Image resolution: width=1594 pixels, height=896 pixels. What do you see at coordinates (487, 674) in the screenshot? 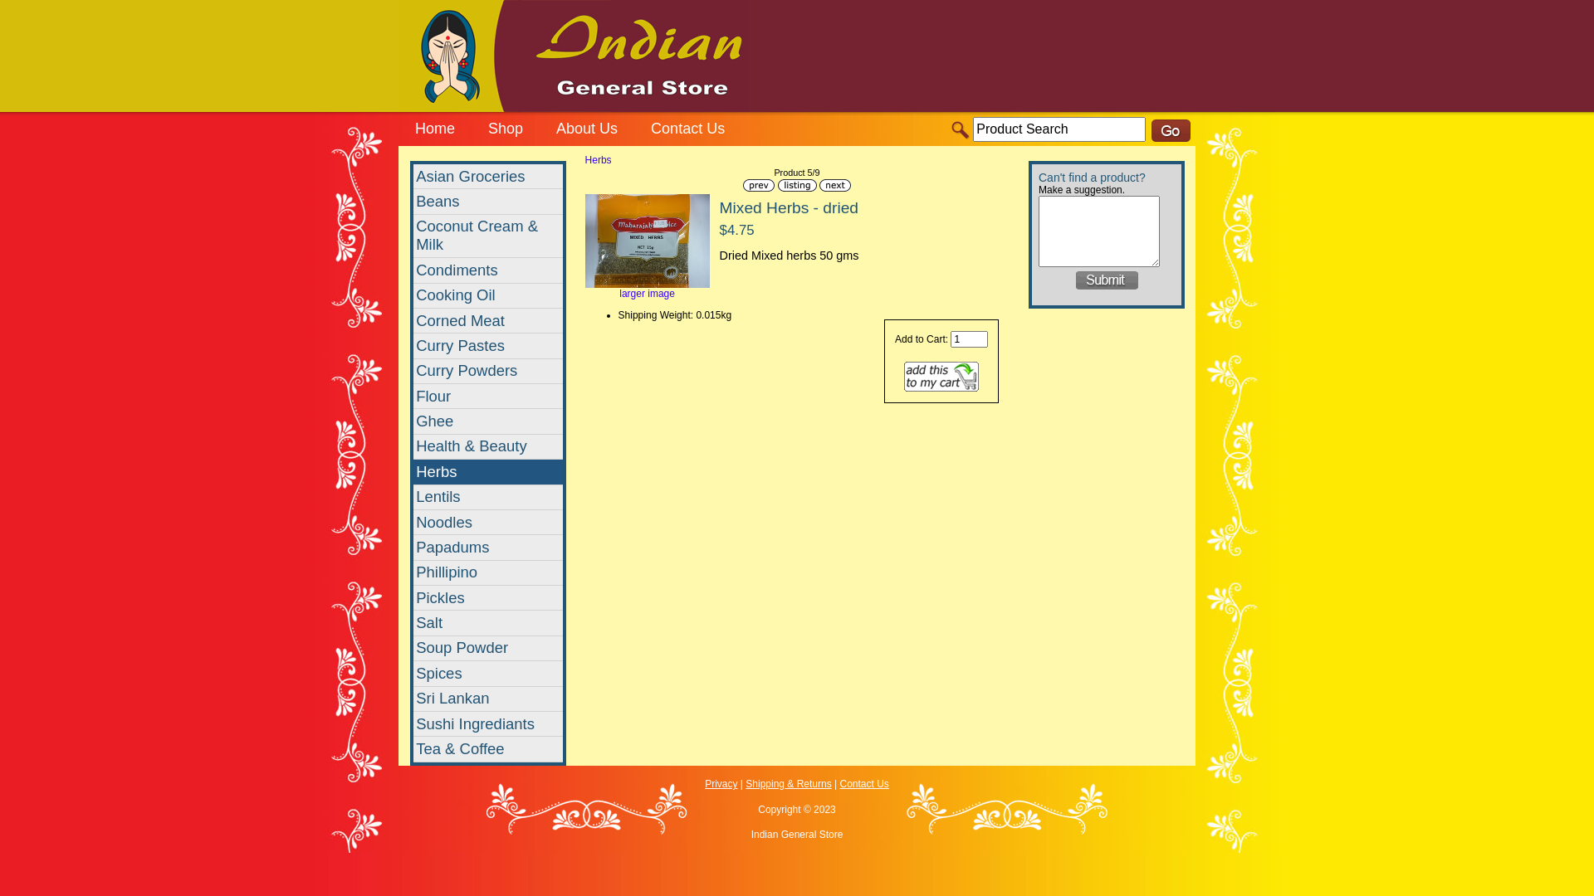
I see `'Spices'` at bounding box center [487, 674].